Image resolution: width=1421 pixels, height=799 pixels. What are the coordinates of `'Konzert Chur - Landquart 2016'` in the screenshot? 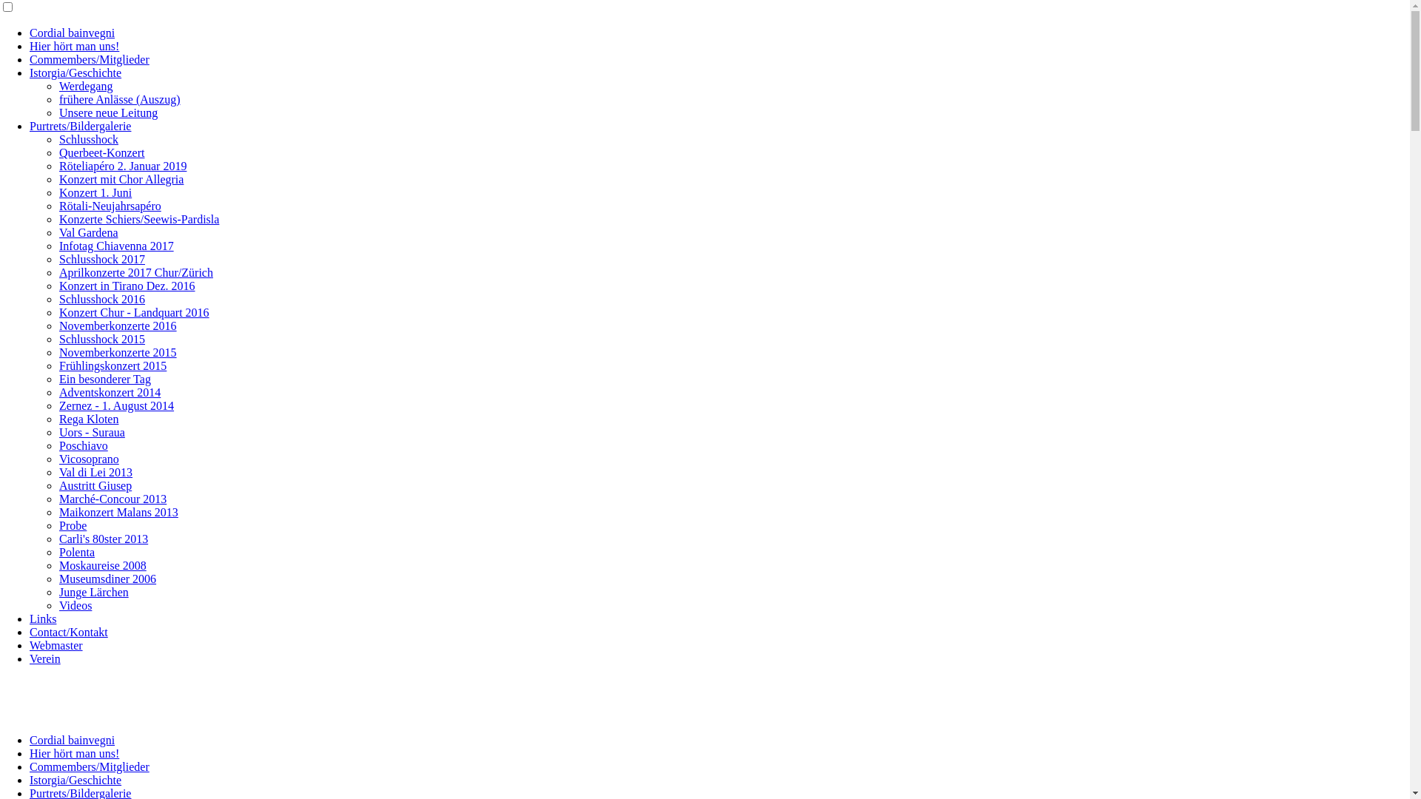 It's located at (134, 311).